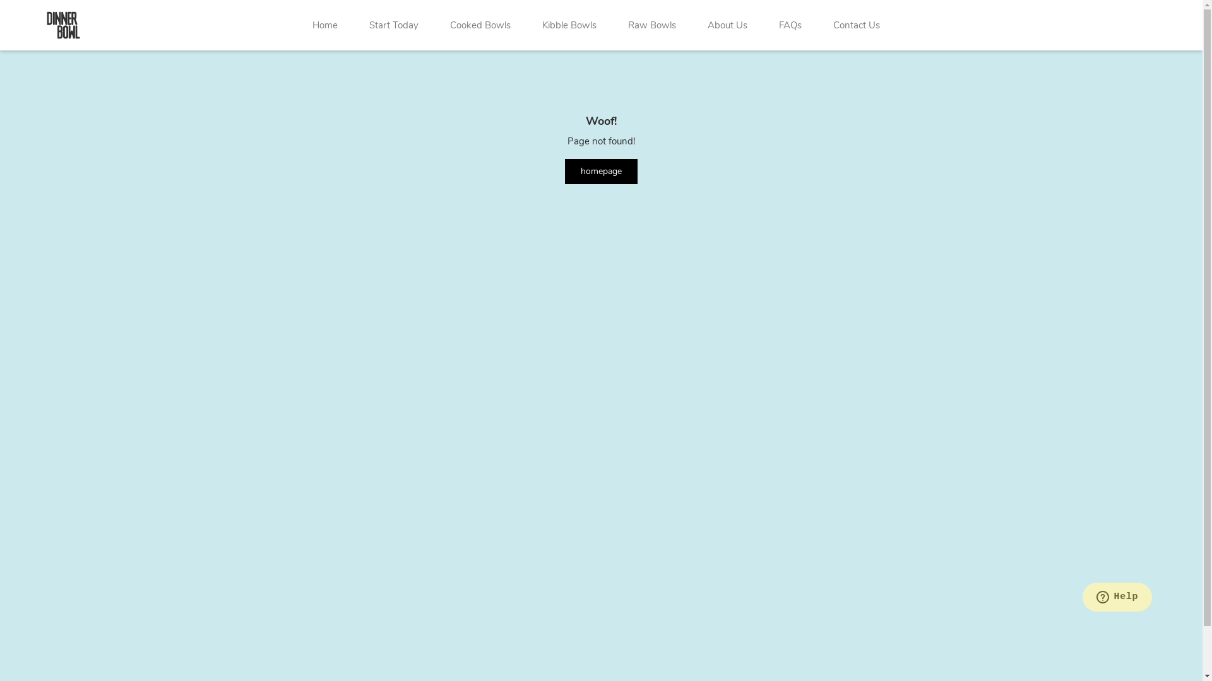 The image size is (1212, 681). I want to click on 'Raw Bowls', so click(651, 25).